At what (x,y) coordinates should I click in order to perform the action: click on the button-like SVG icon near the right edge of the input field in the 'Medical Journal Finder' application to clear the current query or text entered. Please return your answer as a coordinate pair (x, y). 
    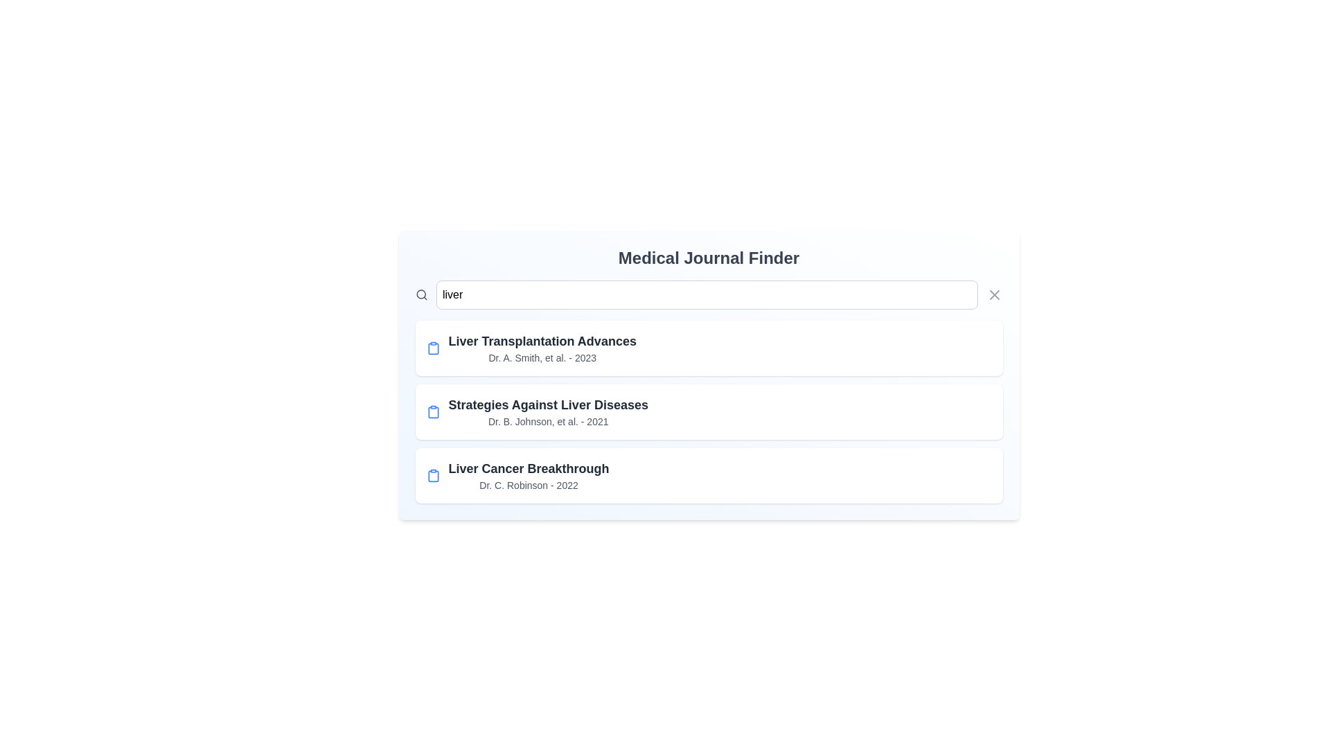
    Looking at the image, I should click on (993, 294).